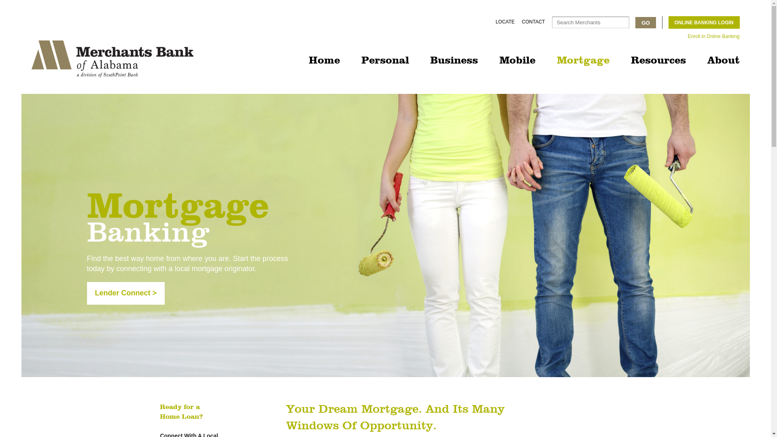  Describe the element at coordinates (505, 21) in the screenshot. I see `'LOCATE'` at that location.